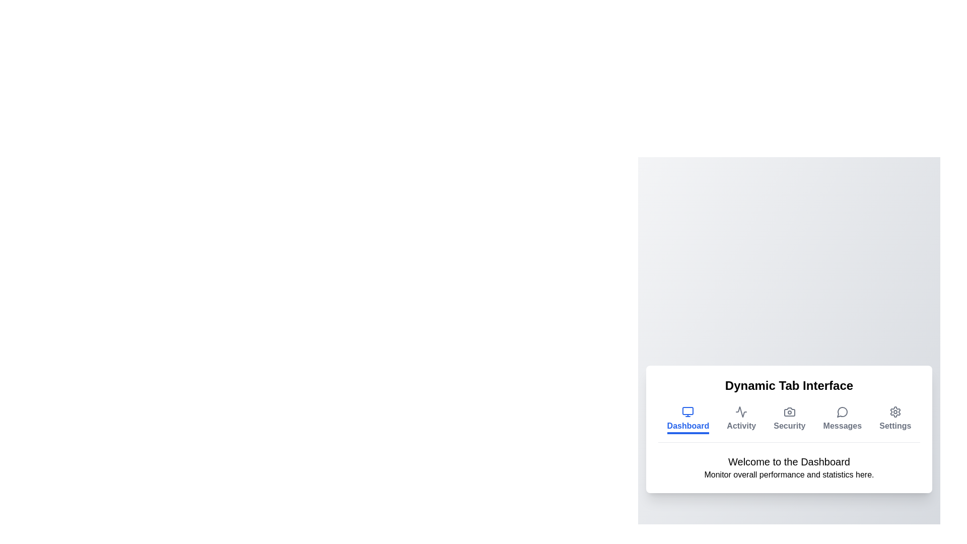 The height and width of the screenshot is (544, 967). I want to click on the 'Security' tab button, located, so click(788, 429).